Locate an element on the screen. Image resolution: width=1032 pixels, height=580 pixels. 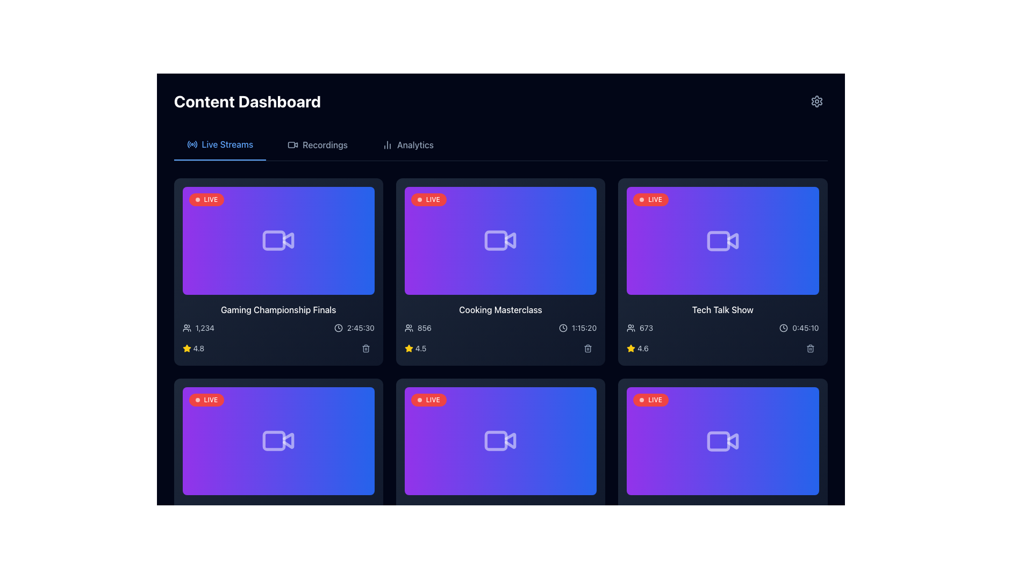
text displaying the time value '0:45:10' accompanied by a clock icon located in the bottom-right corner of the 'Tech Talk Show' card in the third column of the top row is located at coordinates (799, 327).